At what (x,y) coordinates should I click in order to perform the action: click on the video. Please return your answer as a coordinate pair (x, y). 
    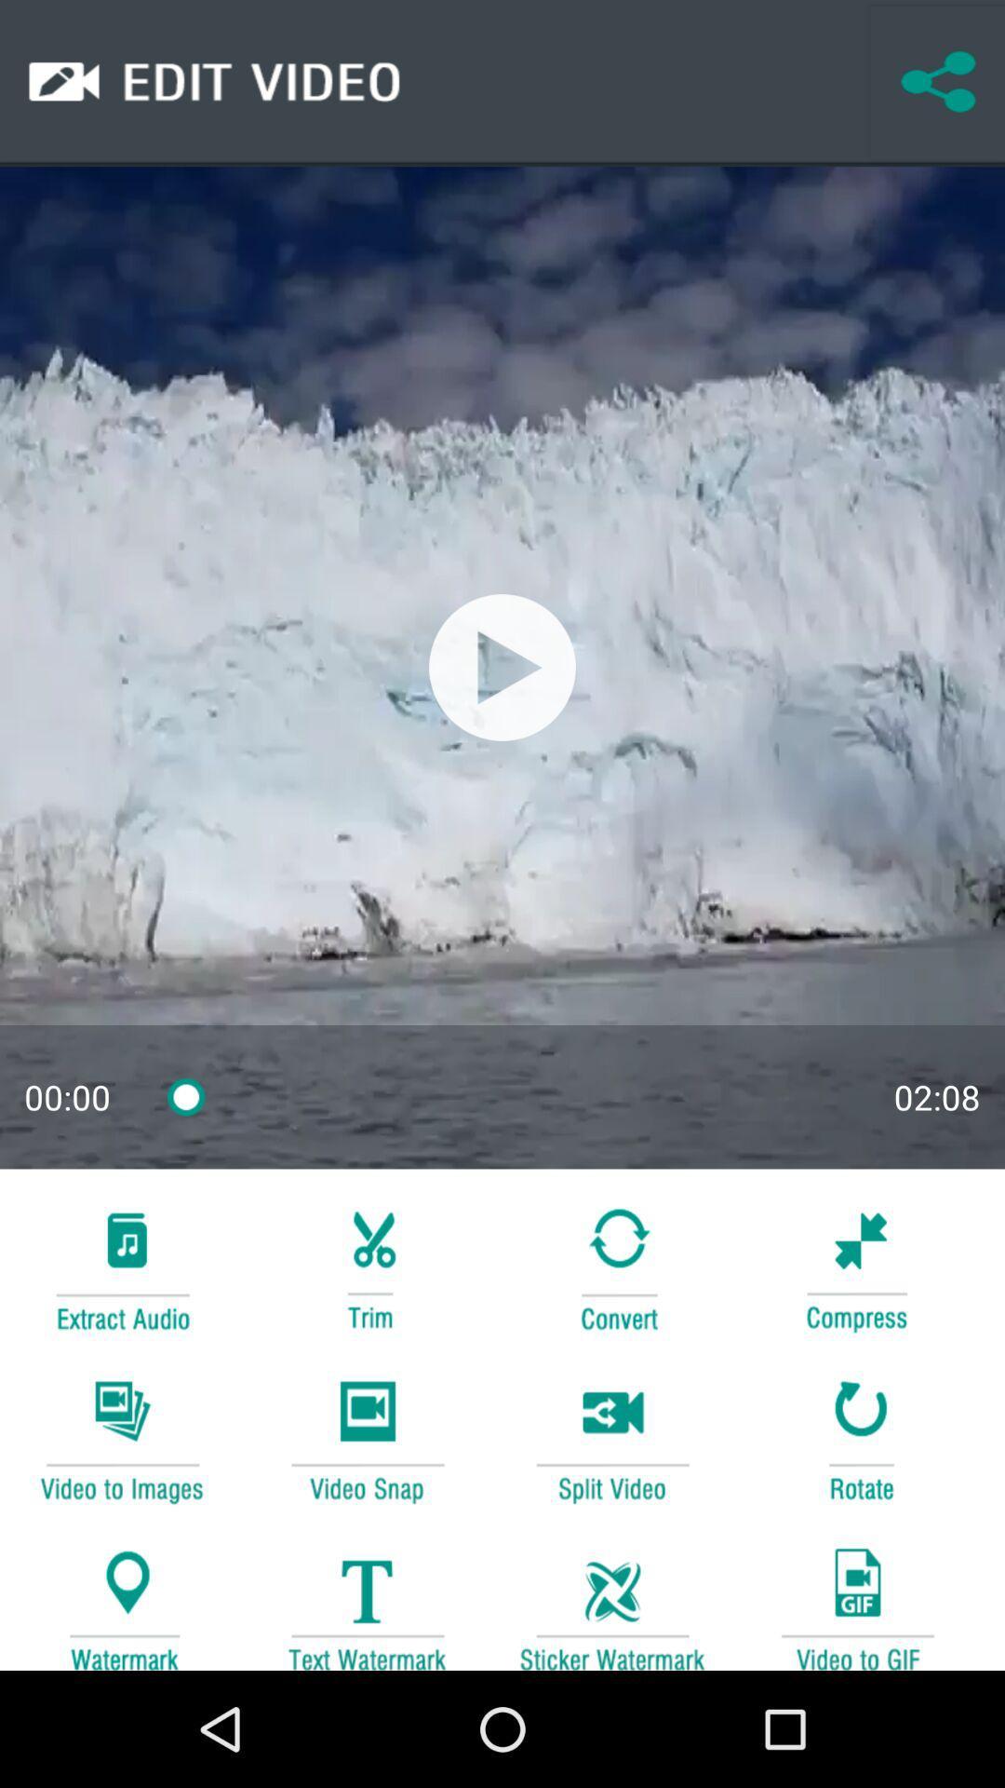
    Looking at the image, I should click on (502, 667).